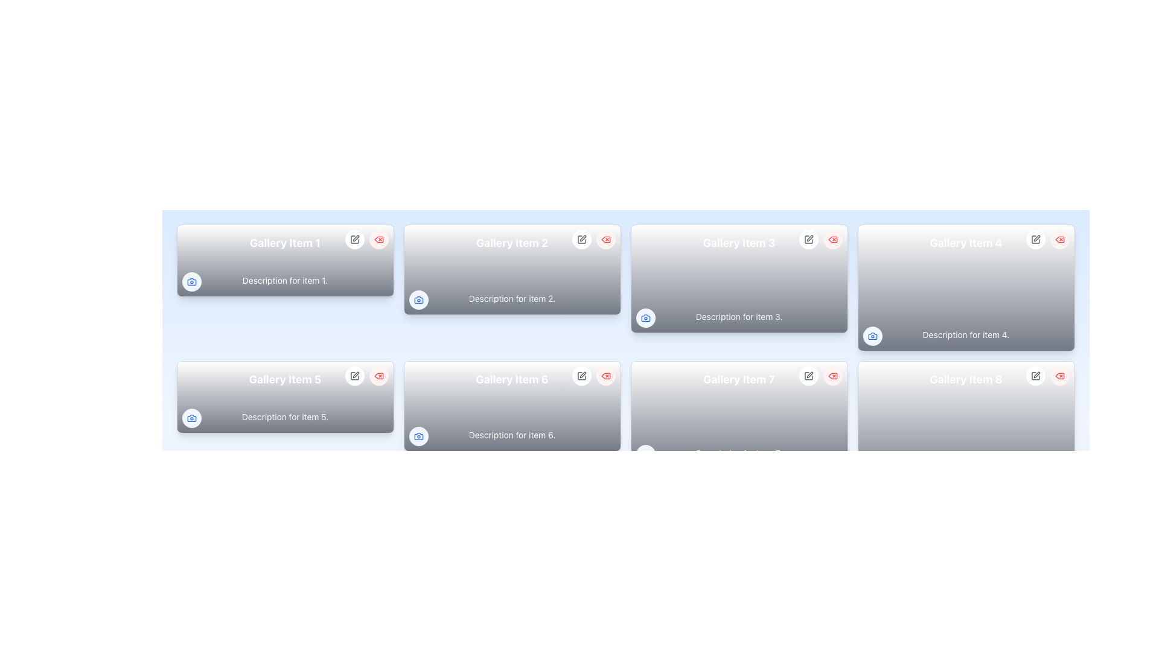  I want to click on the deletion icon with a trash symbol located in the top right corner of the card labeled 'Gallery Item 3', so click(832, 240).